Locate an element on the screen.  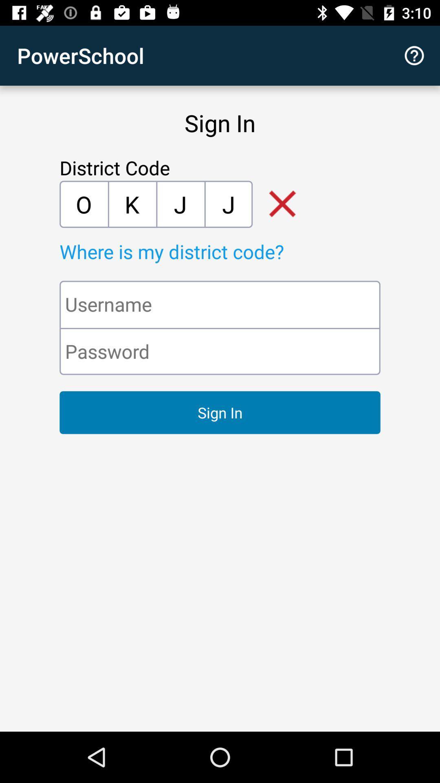
the first letter o be below the text district code is located at coordinates (84, 204).